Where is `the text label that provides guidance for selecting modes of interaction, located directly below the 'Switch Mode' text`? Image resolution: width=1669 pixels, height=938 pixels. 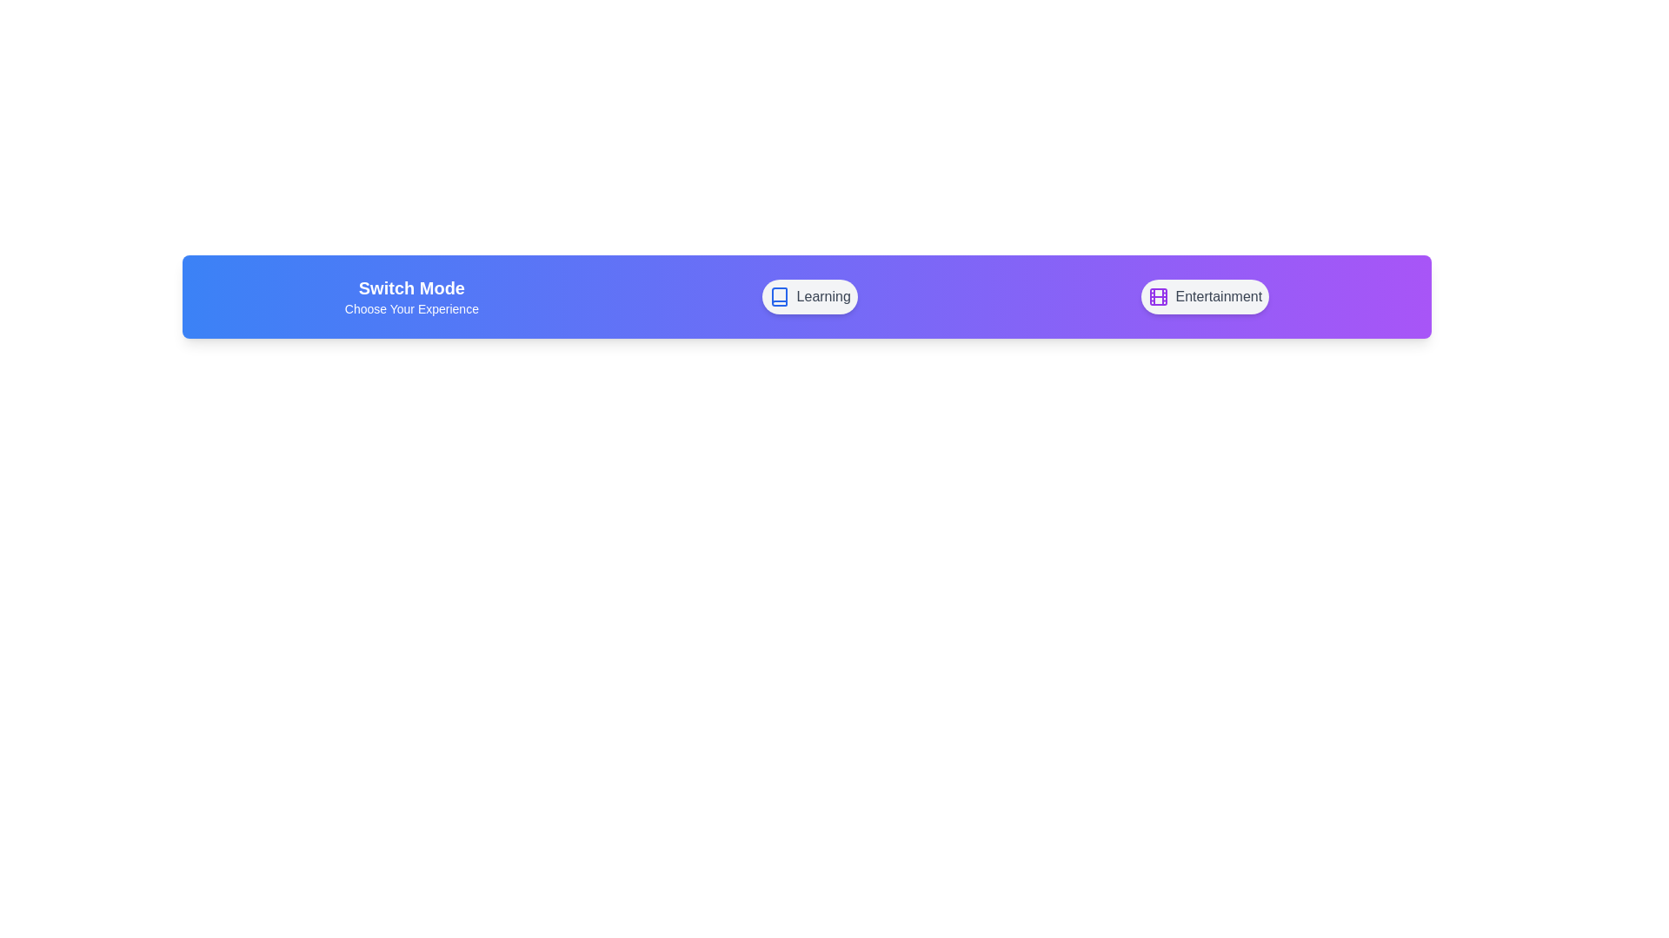
the text label that provides guidance for selecting modes of interaction, located directly below the 'Switch Mode' text is located at coordinates (410, 307).